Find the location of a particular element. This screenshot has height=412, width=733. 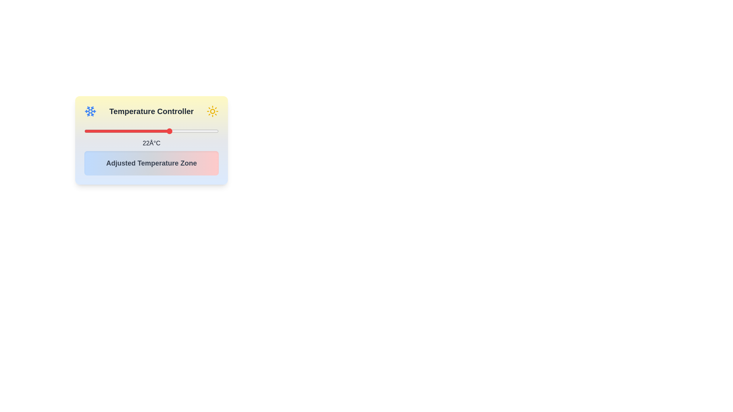

the temperature slider is located at coordinates (108, 130).